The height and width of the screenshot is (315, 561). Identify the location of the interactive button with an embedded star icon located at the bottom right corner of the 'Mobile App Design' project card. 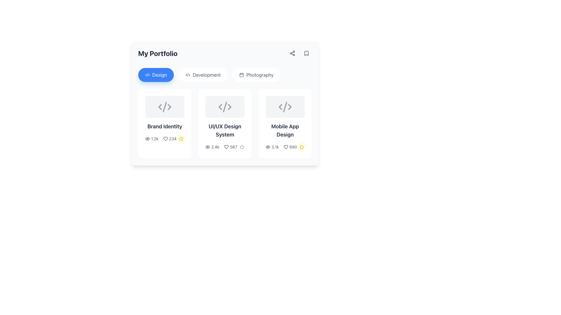
(302, 147).